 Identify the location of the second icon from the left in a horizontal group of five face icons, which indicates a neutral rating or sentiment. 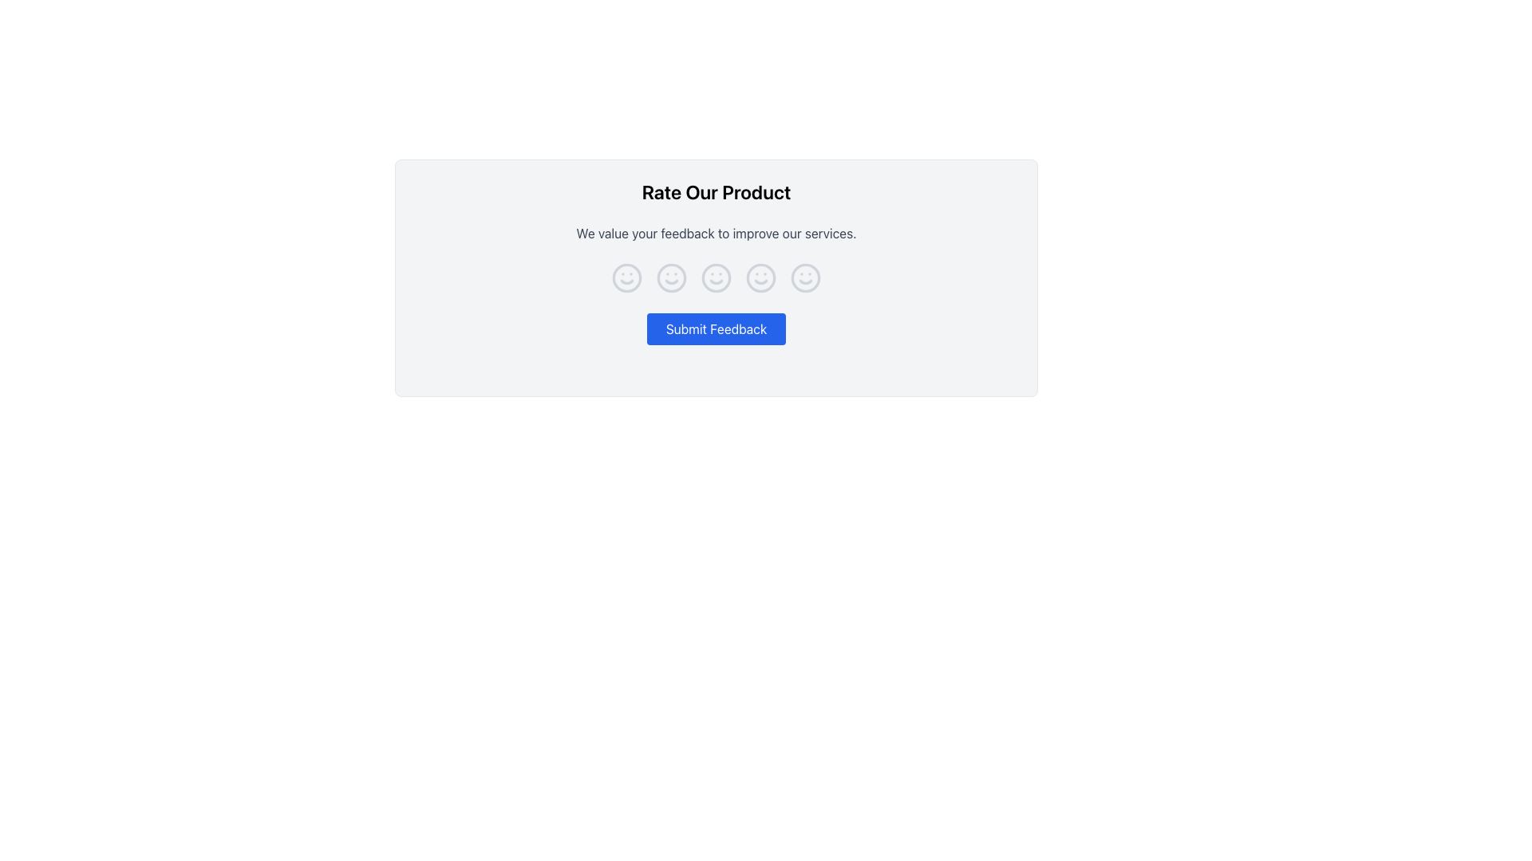
(671, 277).